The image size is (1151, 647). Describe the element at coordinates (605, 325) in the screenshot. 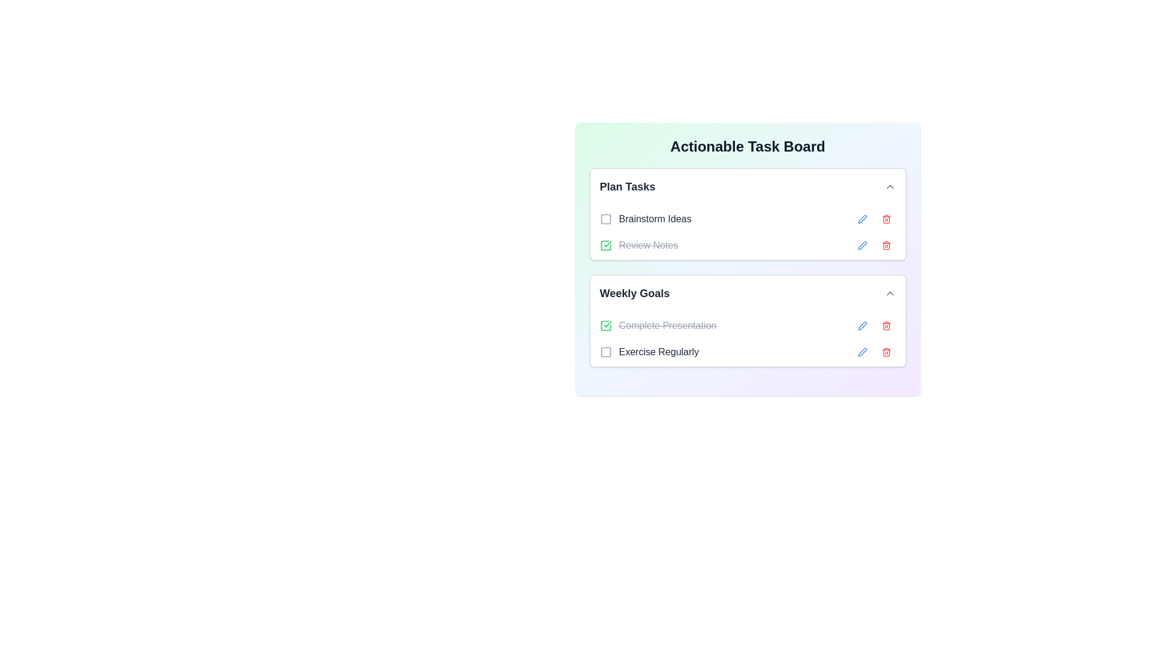

I see `the checkbox icon filled with green and featuring a checkmark, located to the left of 'Complete Presentation' in the 'Weekly Goals' section` at that location.